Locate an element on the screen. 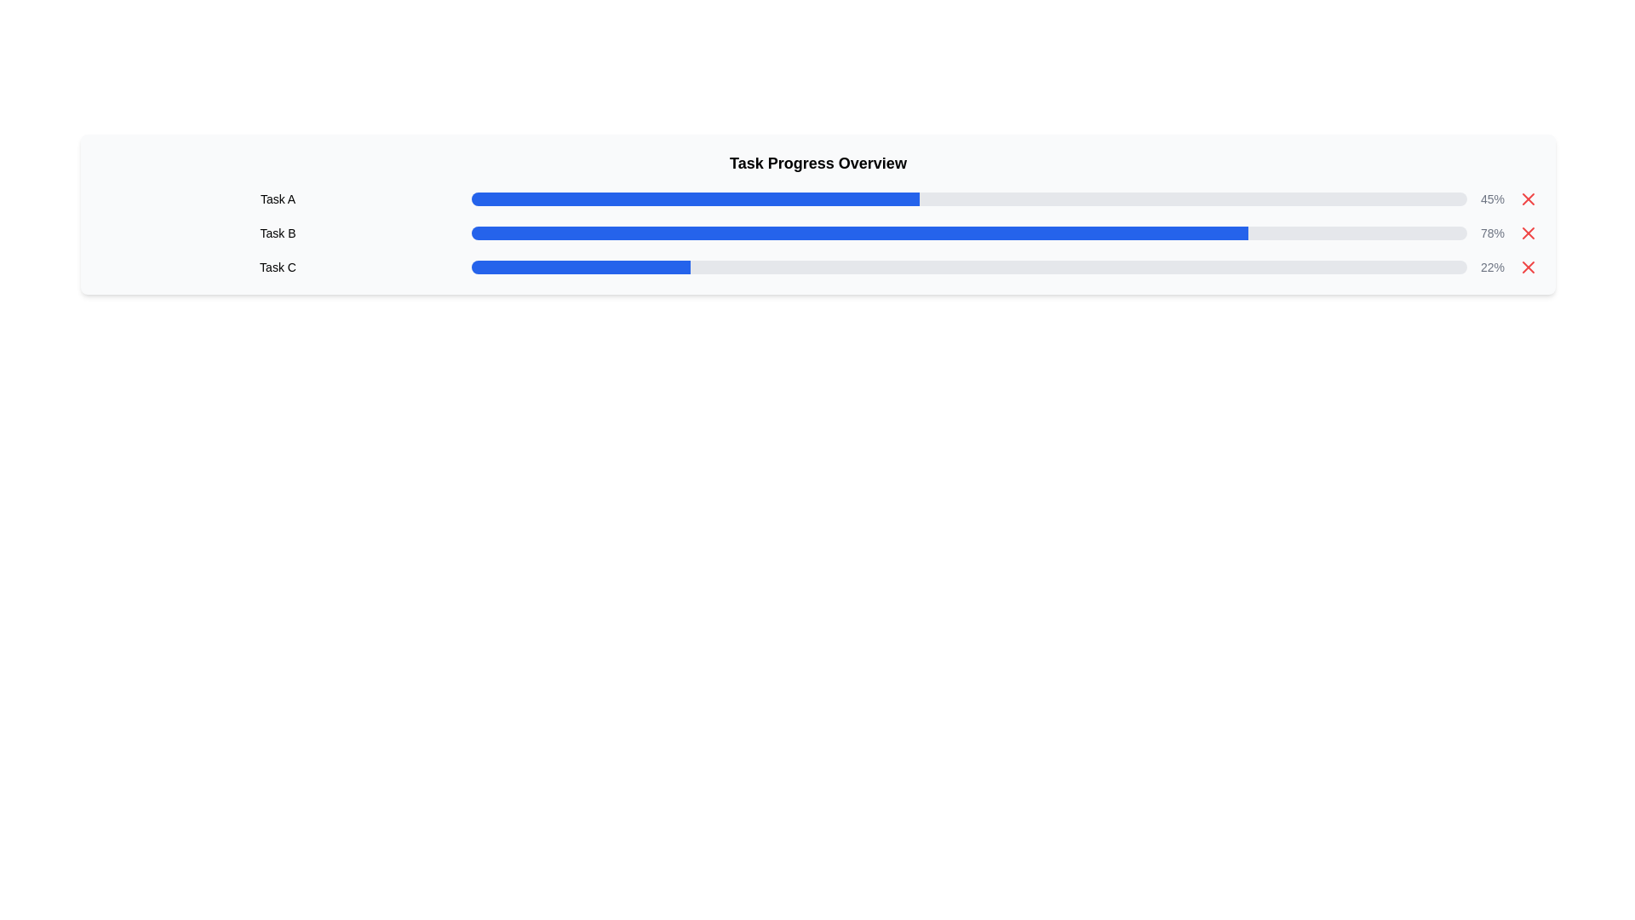 This screenshot has width=1635, height=920. progress value associated with the blue segment of the progress bar for 'Task A', which is visually represented as a horizontally elongated rectangle filled with a solid blue color is located at coordinates (695, 198).